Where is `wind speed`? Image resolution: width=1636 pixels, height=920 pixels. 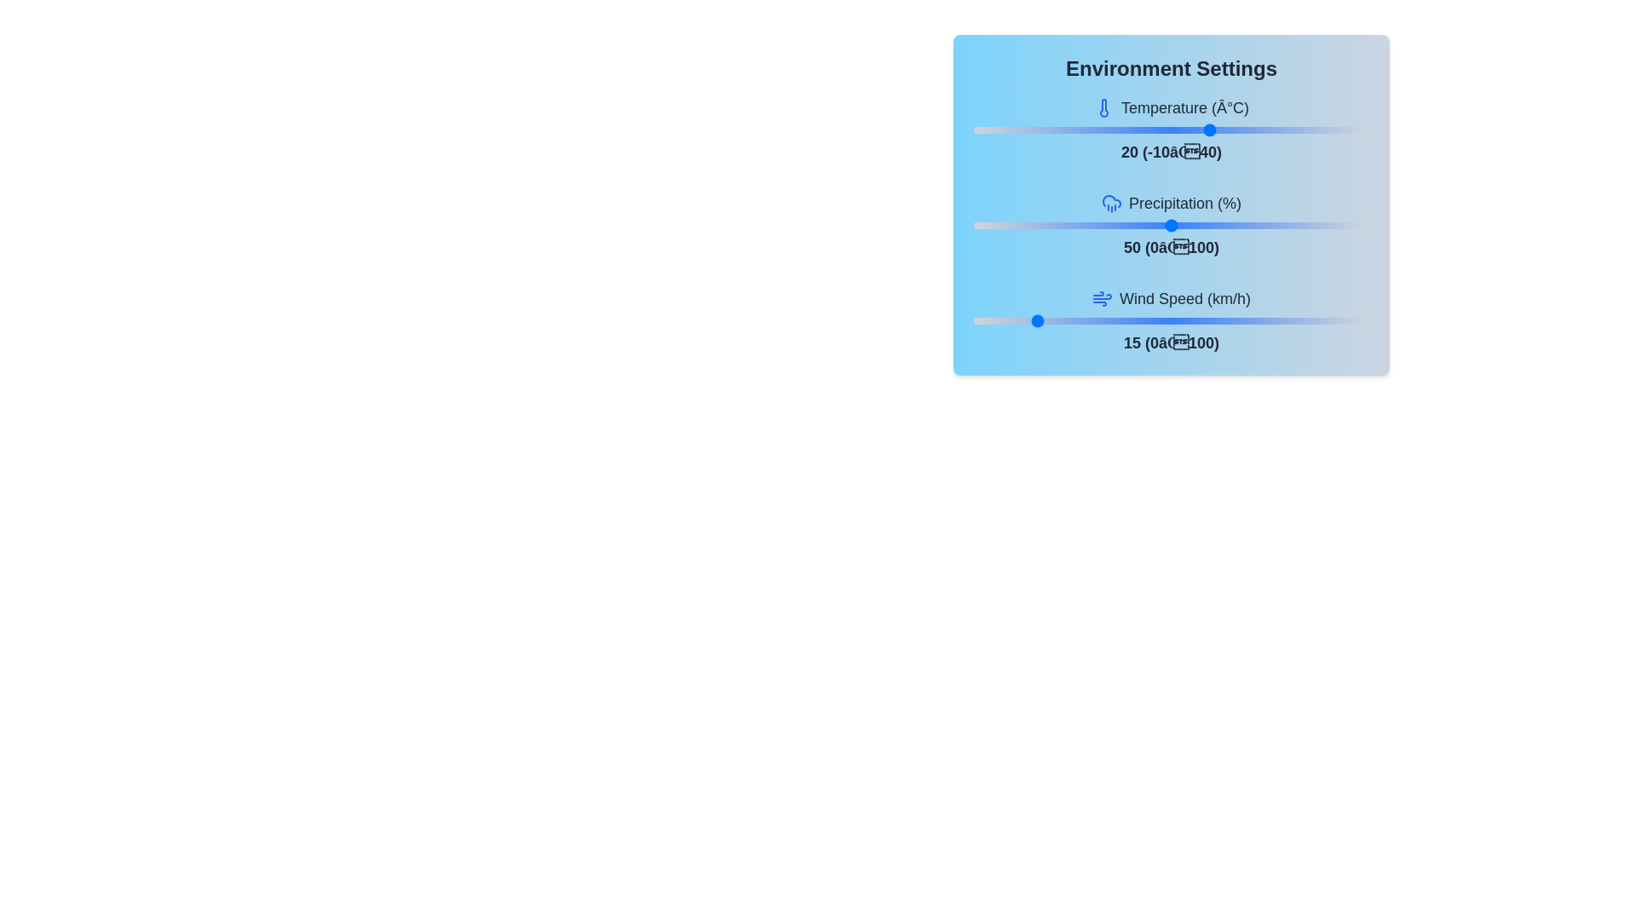
wind speed is located at coordinates (1290, 321).